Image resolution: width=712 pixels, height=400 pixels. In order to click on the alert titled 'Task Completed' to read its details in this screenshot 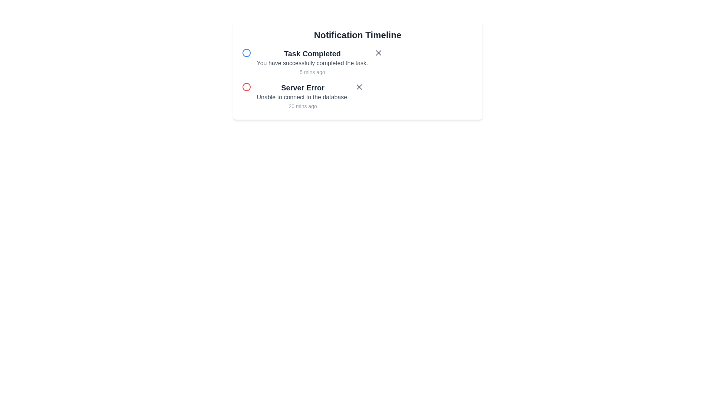, I will do `click(312, 53)`.